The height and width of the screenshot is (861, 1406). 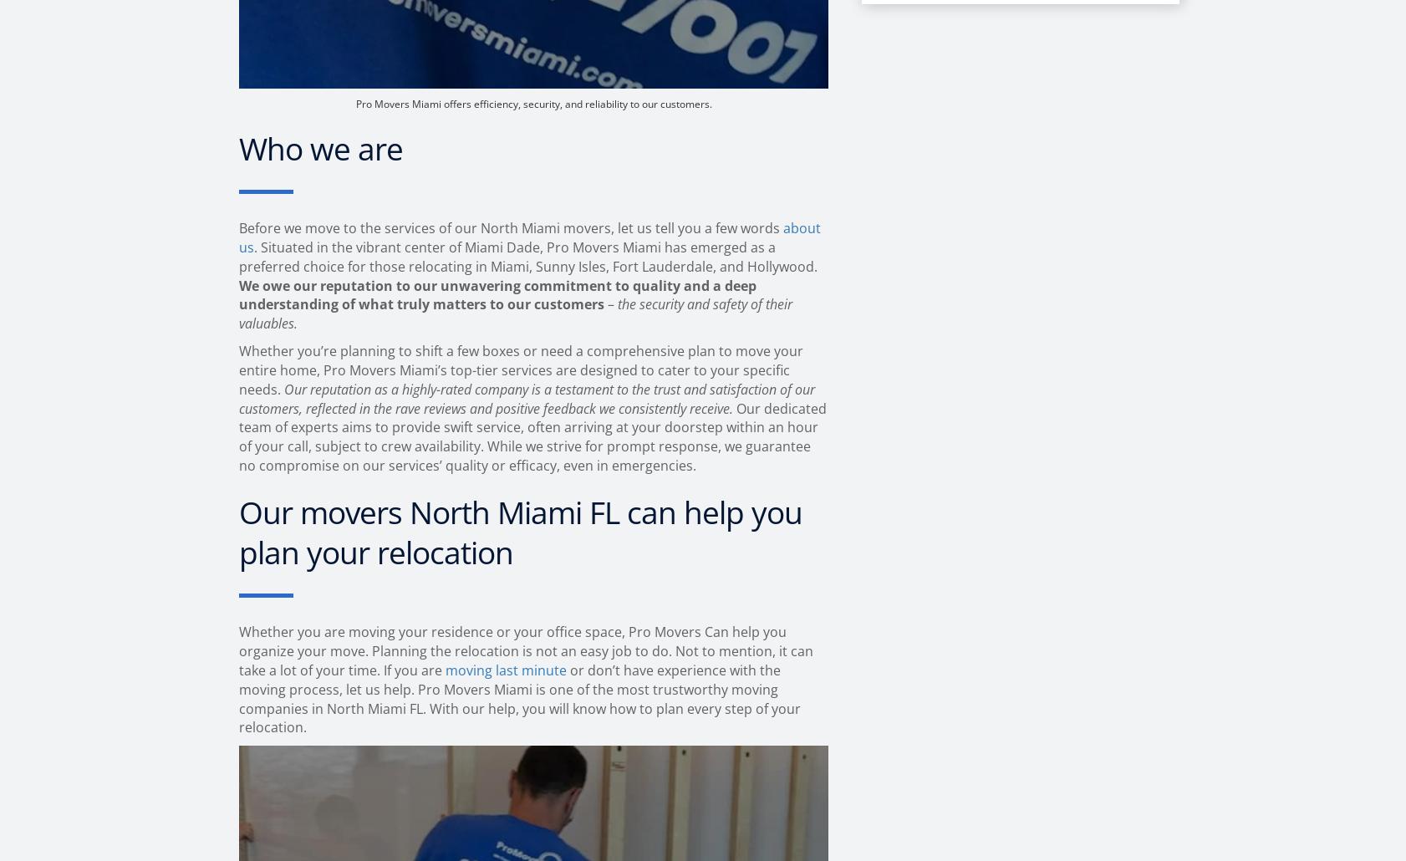 What do you see at coordinates (515, 313) in the screenshot?
I see `'the security and safety of their valuables.'` at bounding box center [515, 313].